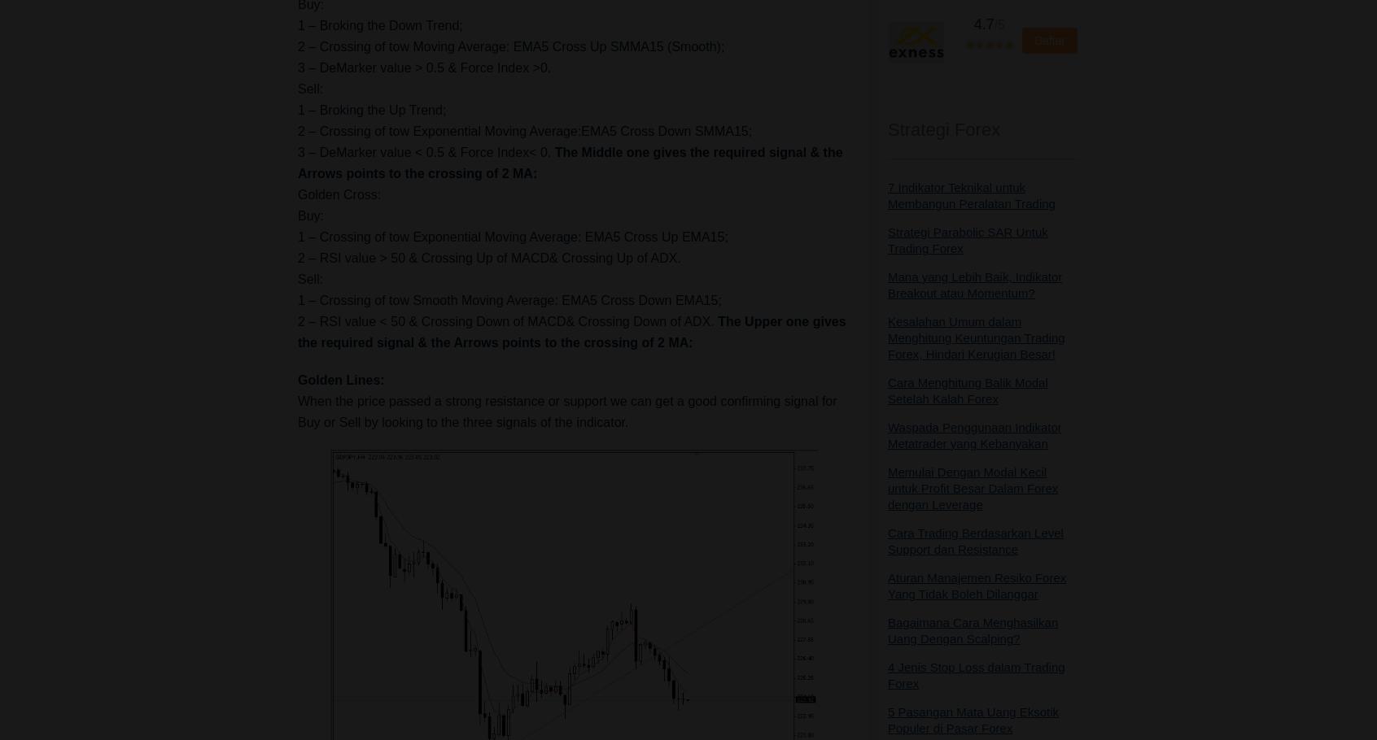  What do you see at coordinates (1048, 40) in the screenshot?
I see `'Daftar'` at bounding box center [1048, 40].